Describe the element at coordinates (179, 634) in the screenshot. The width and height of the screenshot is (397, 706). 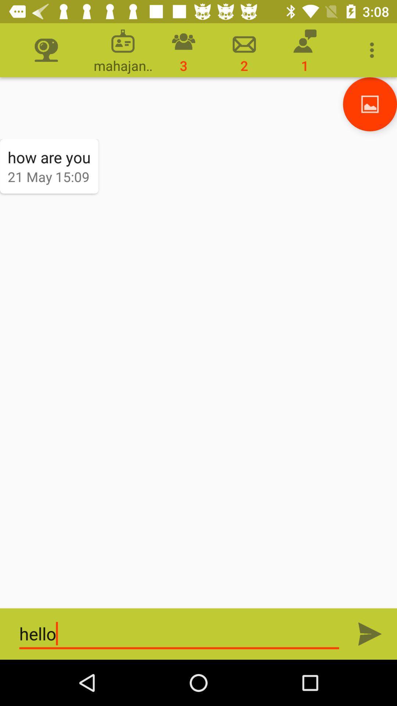
I see `text field which is at bottom of the page` at that location.